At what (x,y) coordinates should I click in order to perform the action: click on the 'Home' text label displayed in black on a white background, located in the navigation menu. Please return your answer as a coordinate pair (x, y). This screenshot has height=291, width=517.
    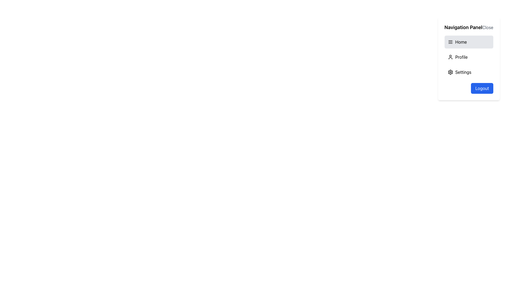
    Looking at the image, I should click on (461, 41).